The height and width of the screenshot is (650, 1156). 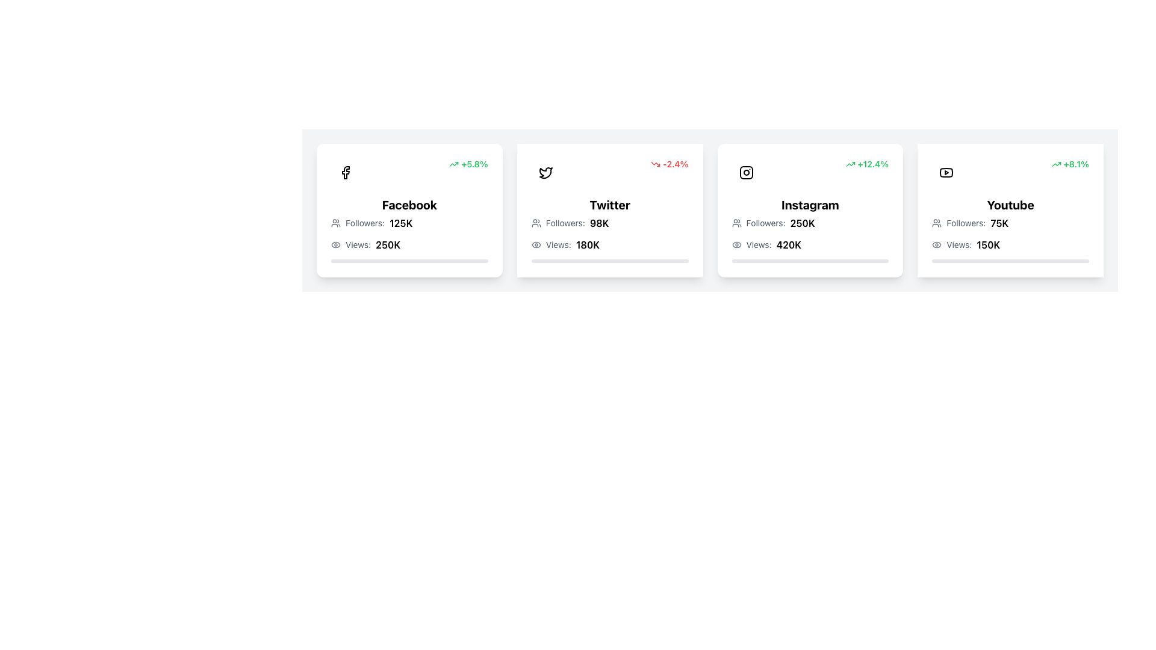 What do you see at coordinates (535, 223) in the screenshot?
I see `the icon representing a group of people, which is light gray and located next to the text 'Followers:' in the second card from the left` at bounding box center [535, 223].